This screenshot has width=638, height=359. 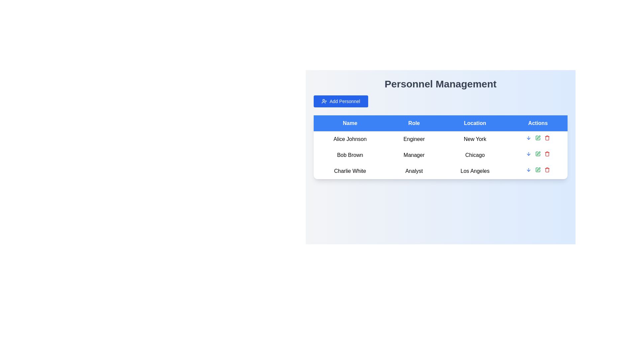 I want to click on the edit icon, so click(x=538, y=154).